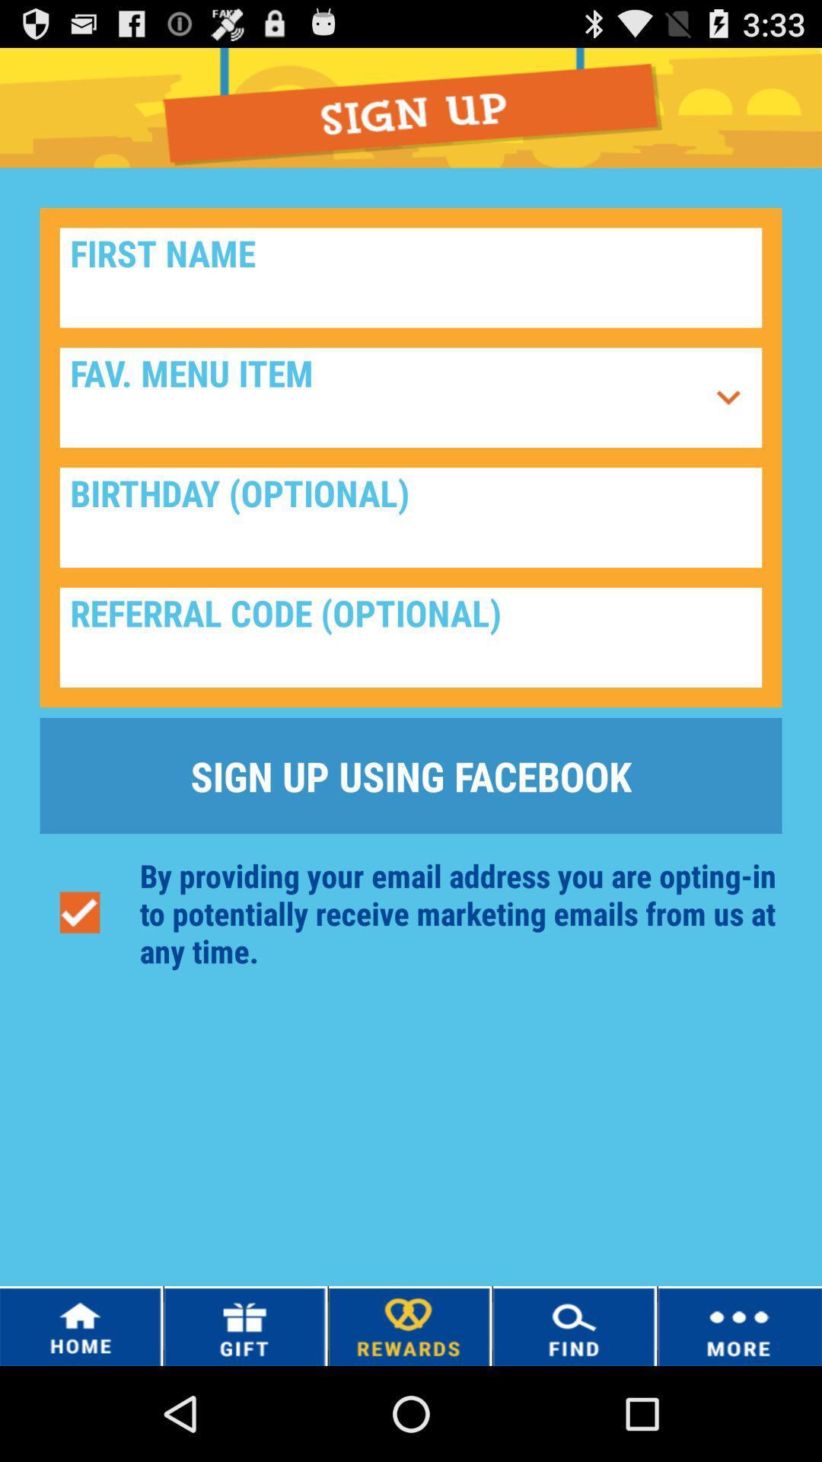 The height and width of the screenshot is (1462, 822). What do you see at coordinates (728, 397) in the screenshot?
I see `favmenu item` at bounding box center [728, 397].